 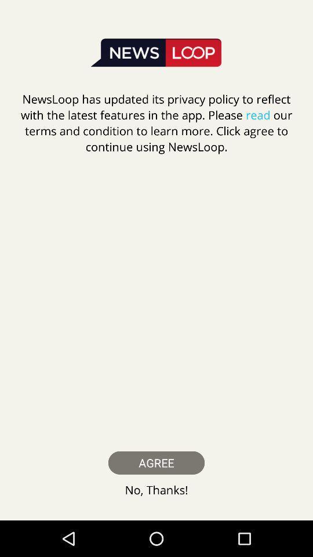 What do you see at coordinates (156, 122) in the screenshot?
I see `the item above the agree item` at bounding box center [156, 122].